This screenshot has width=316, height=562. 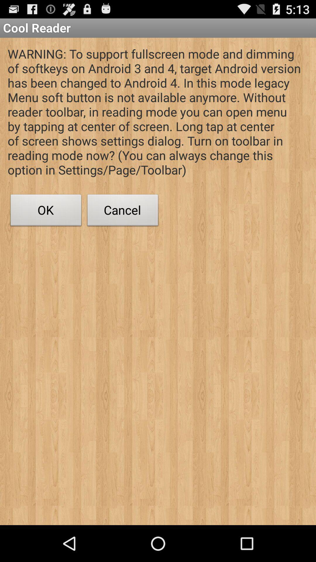 What do you see at coordinates (123, 211) in the screenshot?
I see `the cancel item` at bounding box center [123, 211].